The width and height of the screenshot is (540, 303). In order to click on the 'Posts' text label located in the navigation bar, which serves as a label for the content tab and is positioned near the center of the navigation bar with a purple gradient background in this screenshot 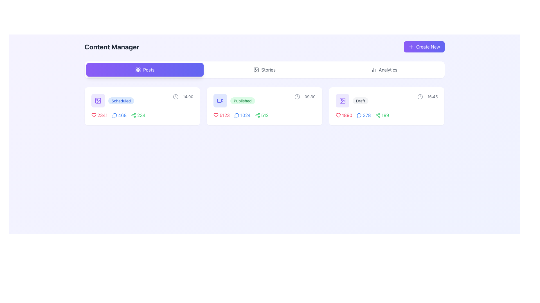, I will do `click(149, 70)`.